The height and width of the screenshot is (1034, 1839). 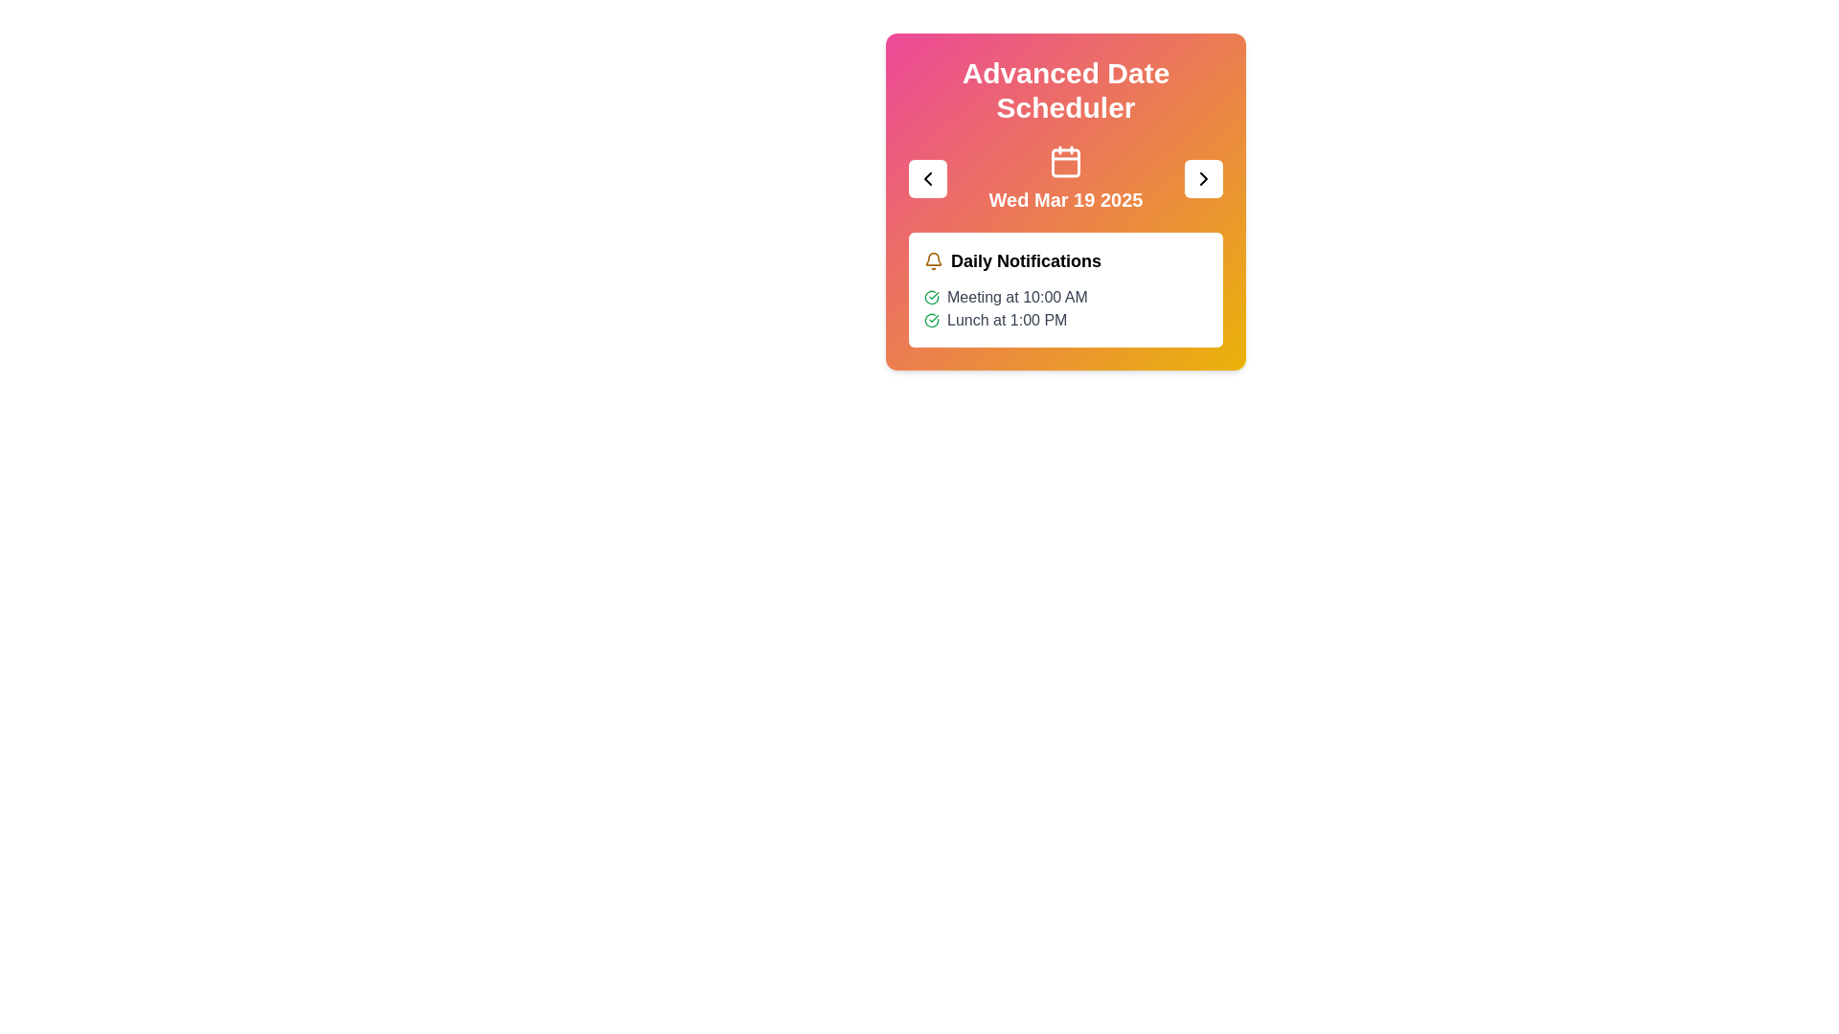 I want to click on the green circular icon with a checkmark that indicates successful status, located before the text 'Lunch at 1:00 PM', so click(x=932, y=320).